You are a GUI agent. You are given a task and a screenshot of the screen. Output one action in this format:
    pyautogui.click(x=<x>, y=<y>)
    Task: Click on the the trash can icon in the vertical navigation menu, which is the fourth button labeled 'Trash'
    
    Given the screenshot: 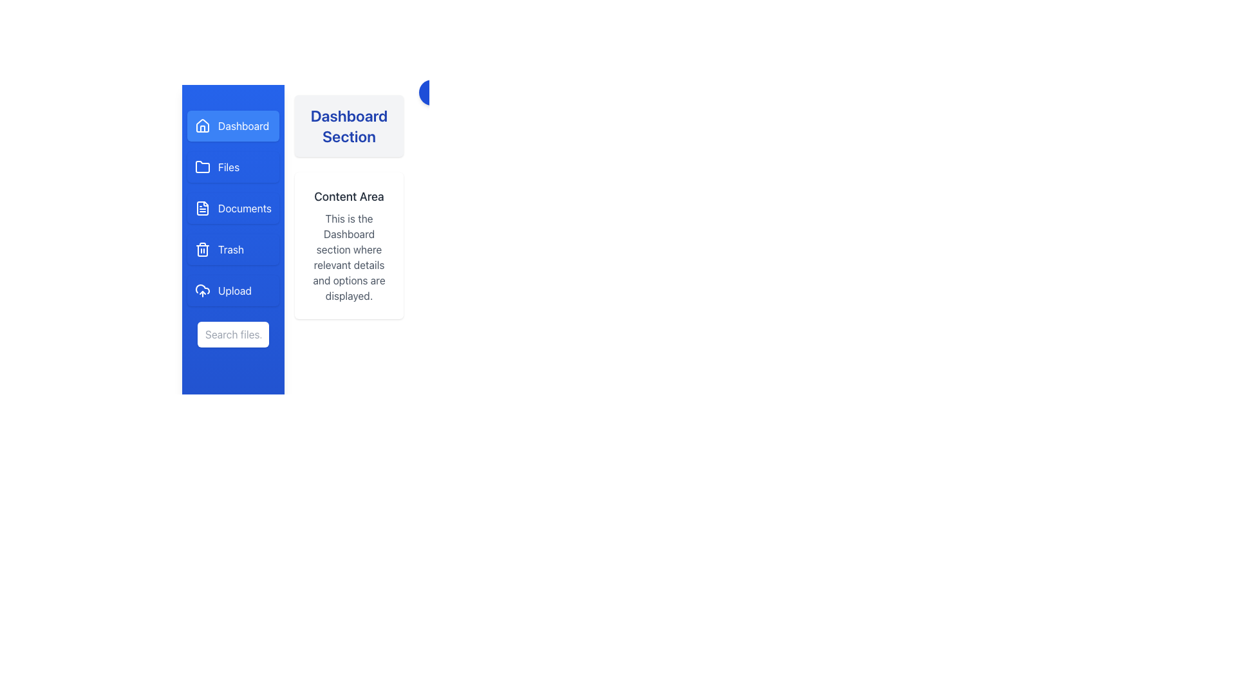 What is the action you would take?
    pyautogui.click(x=202, y=250)
    